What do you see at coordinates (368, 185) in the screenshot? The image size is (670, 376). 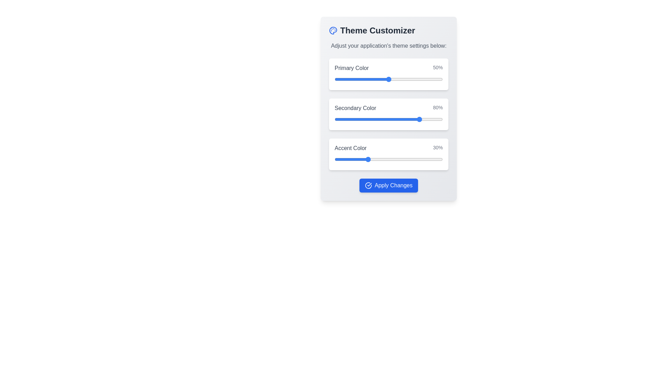 I see `the visual indicator icon located to the left of the 'Apply Changes' button in the 'Theme Customizer' section` at bounding box center [368, 185].